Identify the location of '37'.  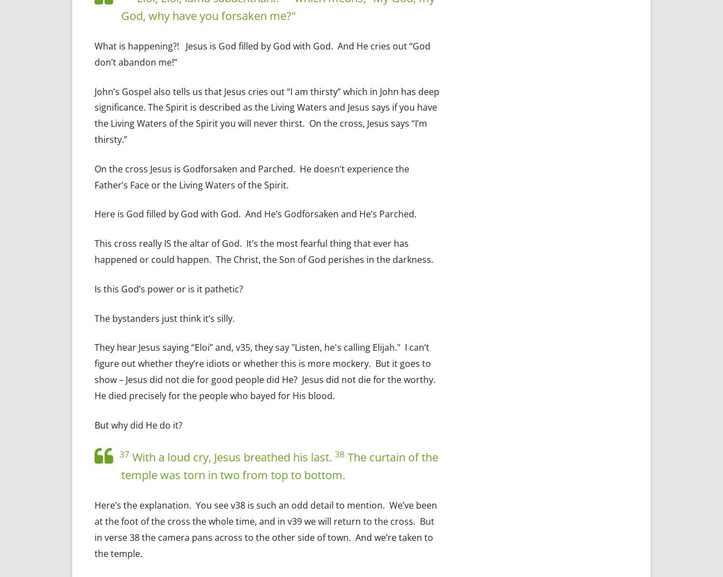
(123, 453).